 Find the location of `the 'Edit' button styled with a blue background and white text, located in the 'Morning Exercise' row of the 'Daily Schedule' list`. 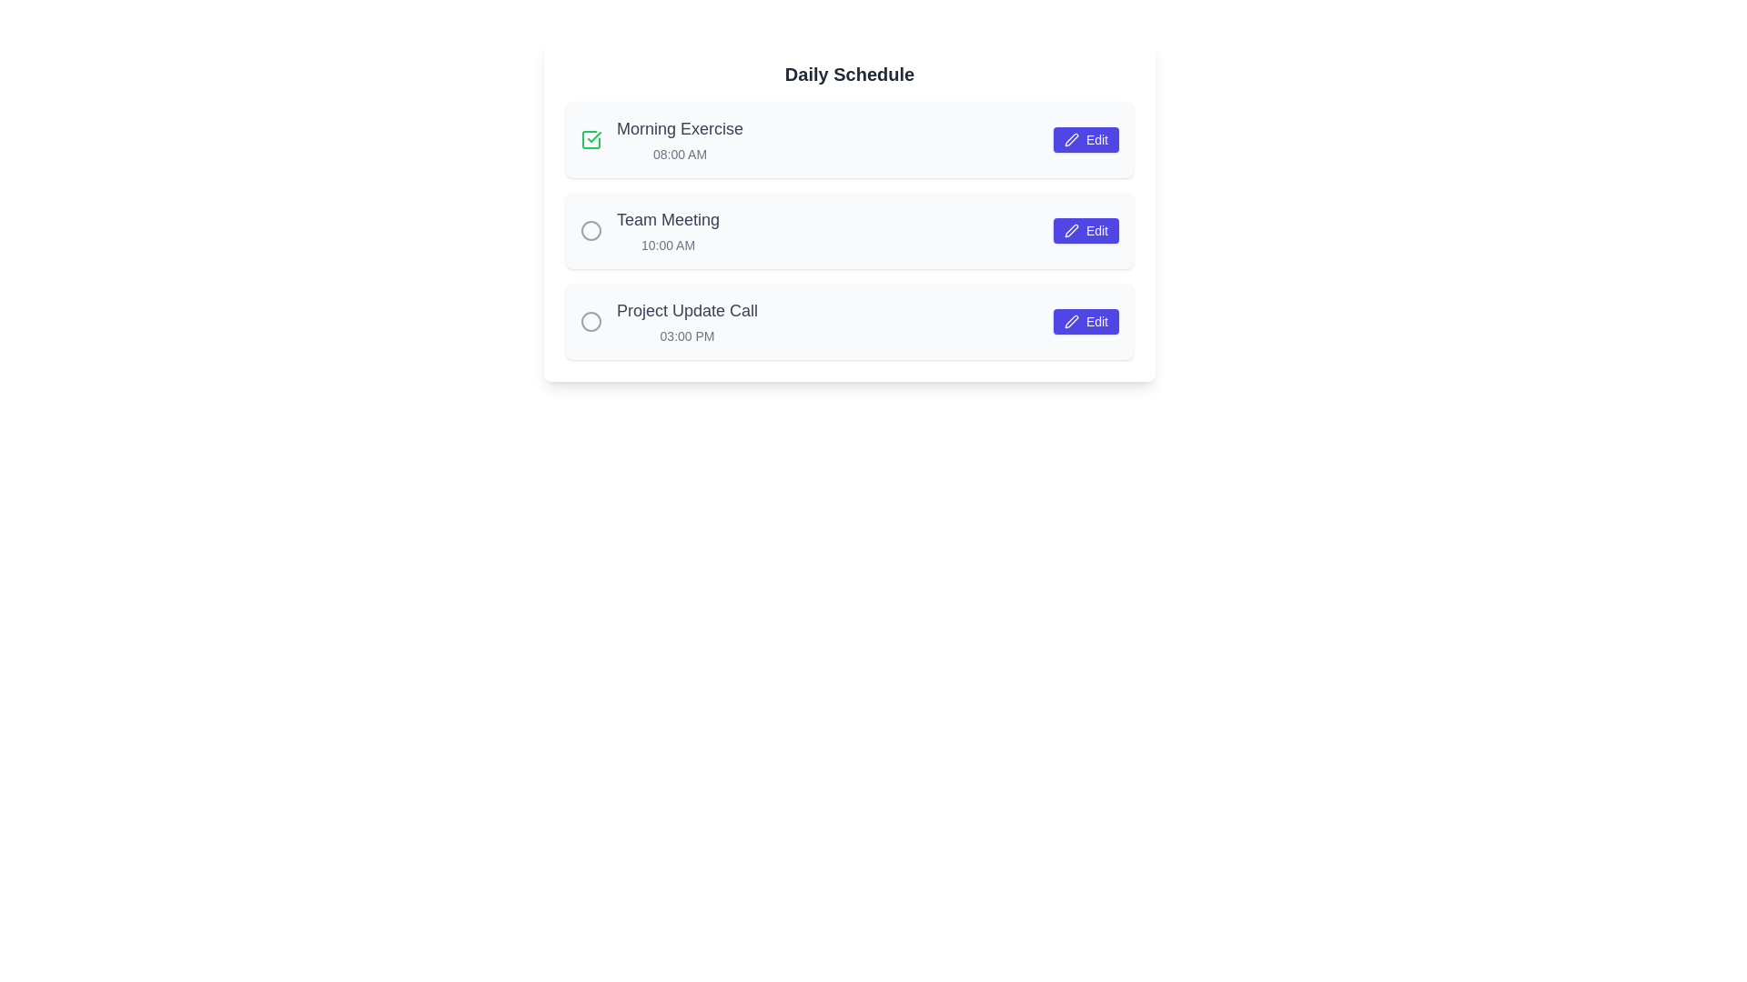

the 'Edit' button styled with a blue background and white text, located in the 'Morning Exercise' row of the 'Daily Schedule' list is located at coordinates (1086, 139).